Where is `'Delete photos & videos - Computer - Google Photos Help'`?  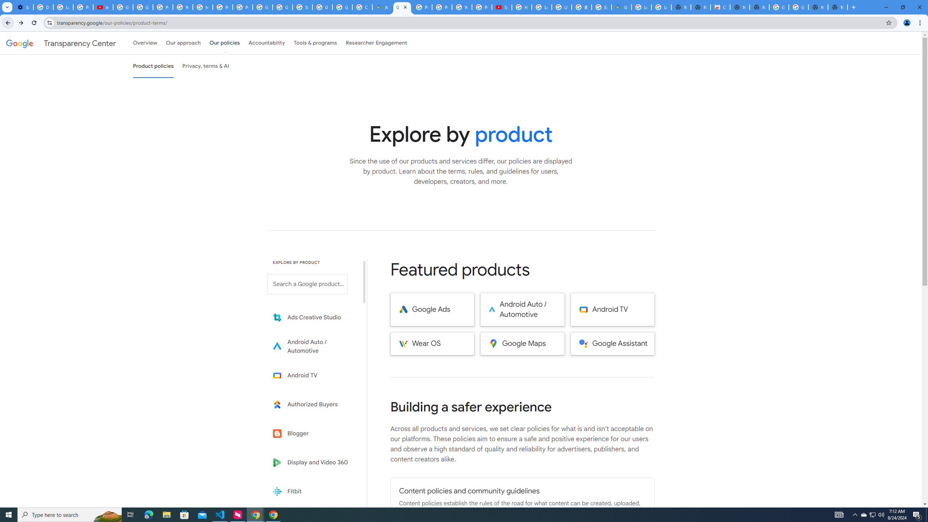
'Delete photos & videos - Computer - Google Photos Help' is located at coordinates (43, 7).